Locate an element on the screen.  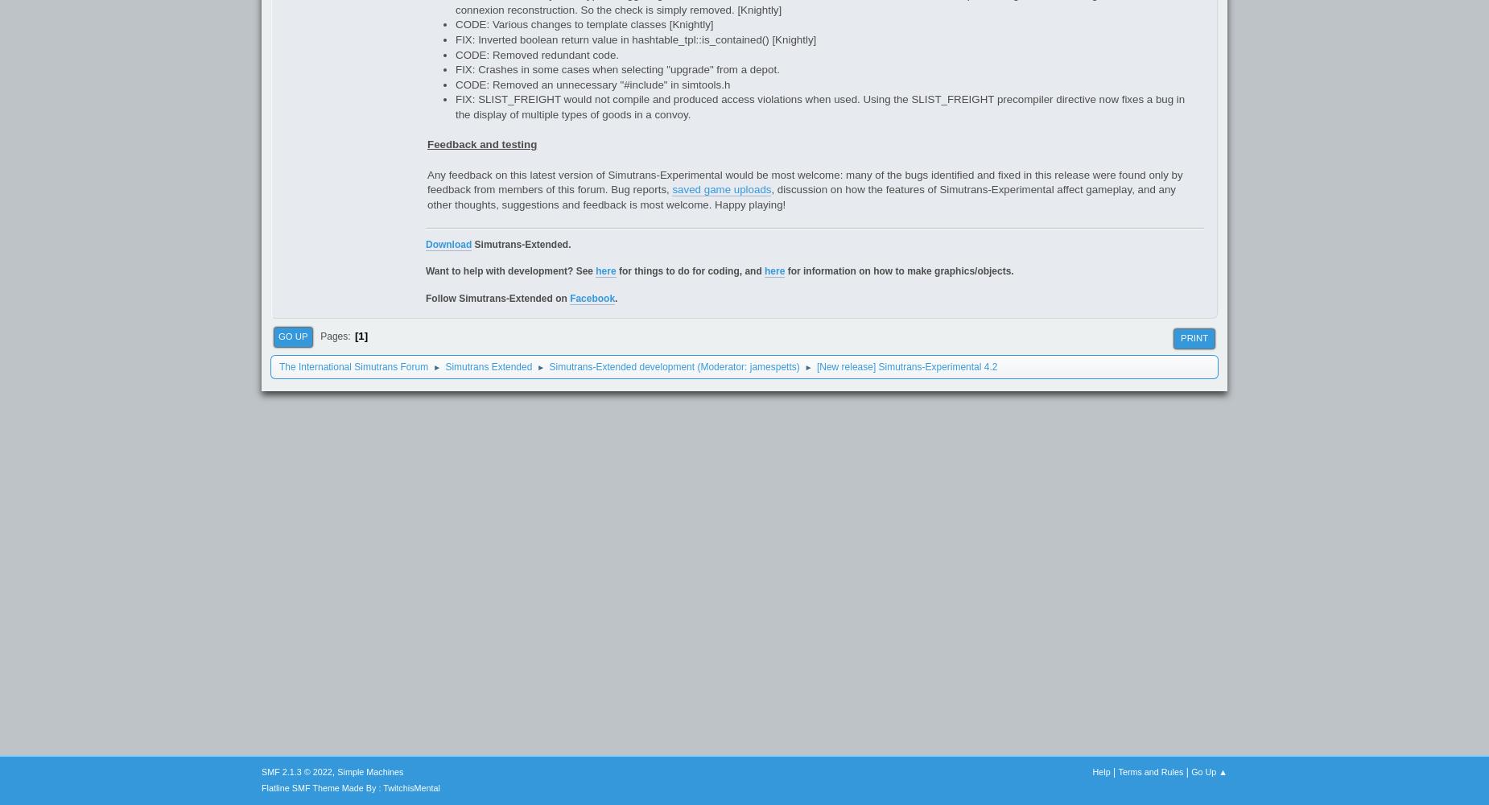
')' is located at coordinates (797, 365).